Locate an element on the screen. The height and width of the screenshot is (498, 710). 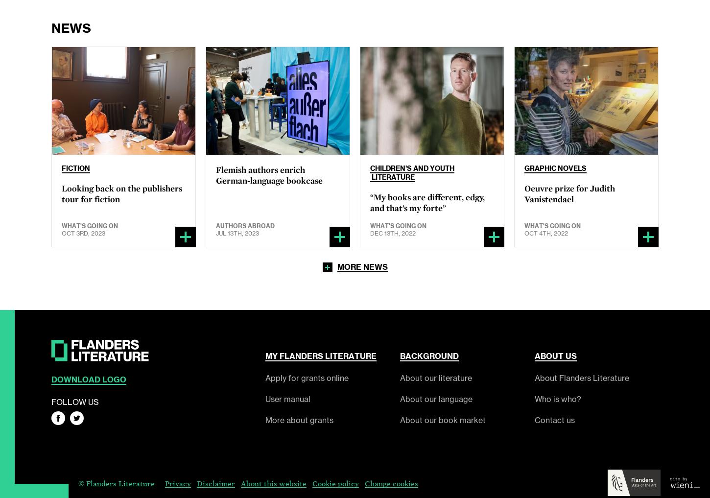
'About our language' is located at coordinates (436, 399).